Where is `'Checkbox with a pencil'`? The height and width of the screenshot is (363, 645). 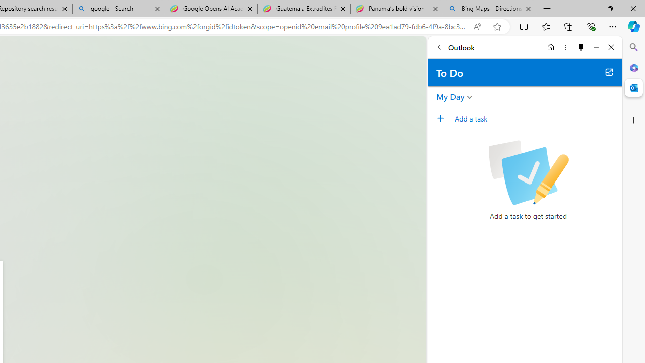
'Checkbox with a pencil' is located at coordinates (528, 172).